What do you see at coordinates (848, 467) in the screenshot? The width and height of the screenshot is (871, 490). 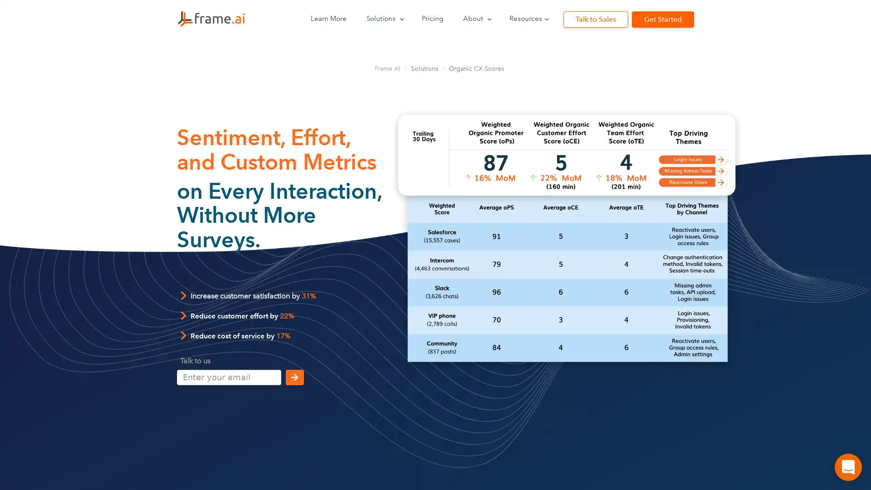 I see `Open Intercom Messenger` at bounding box center [848, 467].